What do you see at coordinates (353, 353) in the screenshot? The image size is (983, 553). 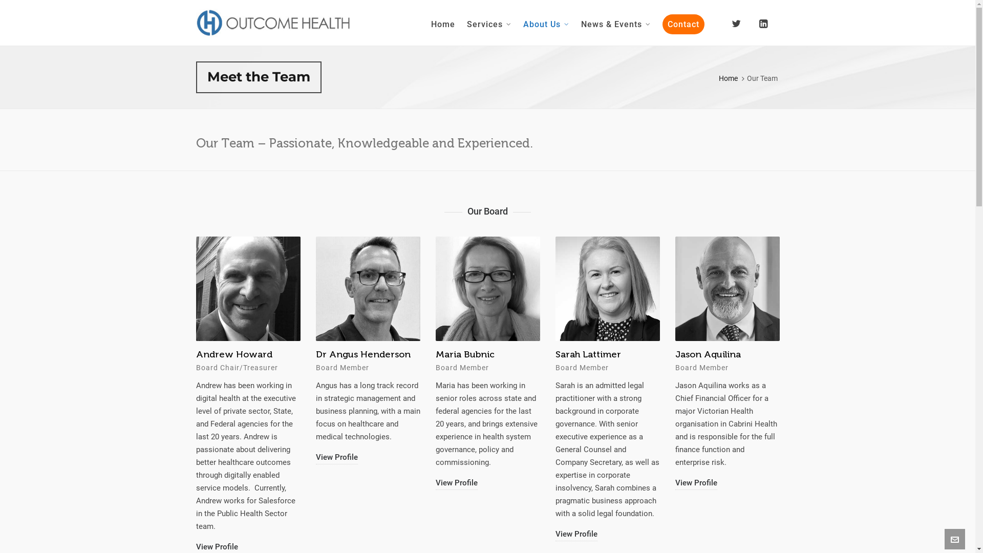 I see `'Andrew Howard'` at bounding box center [353, 353].